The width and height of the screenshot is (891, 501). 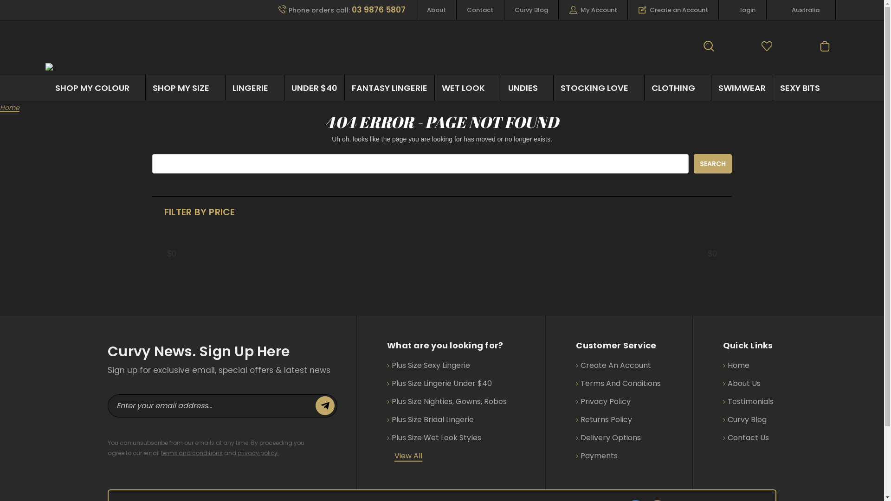 What do you see at coordinates (804, 88) in the screenshot?
I see `'SEXY BITS'` at bounding box center [804, 88].